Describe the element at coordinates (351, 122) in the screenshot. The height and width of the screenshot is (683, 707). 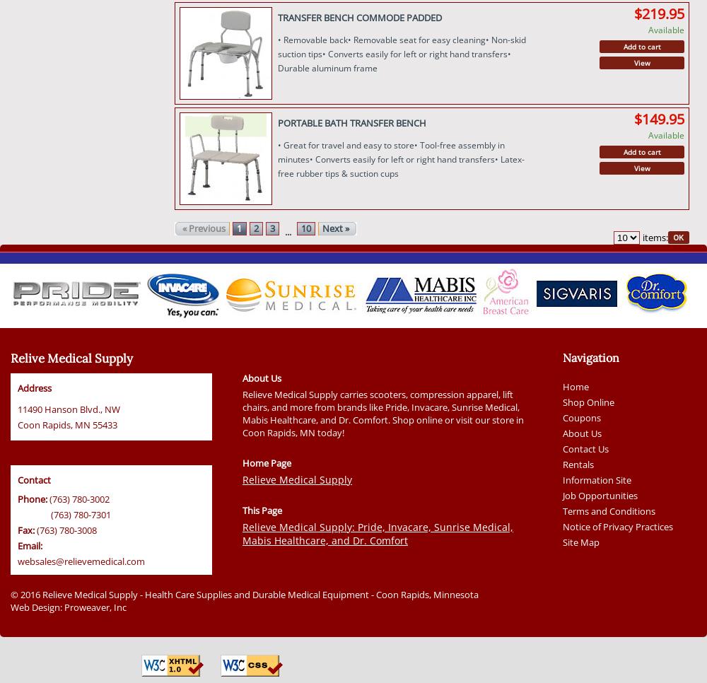
I see `'PORTABLE BATH TRANSFER BENCH'` at that location.